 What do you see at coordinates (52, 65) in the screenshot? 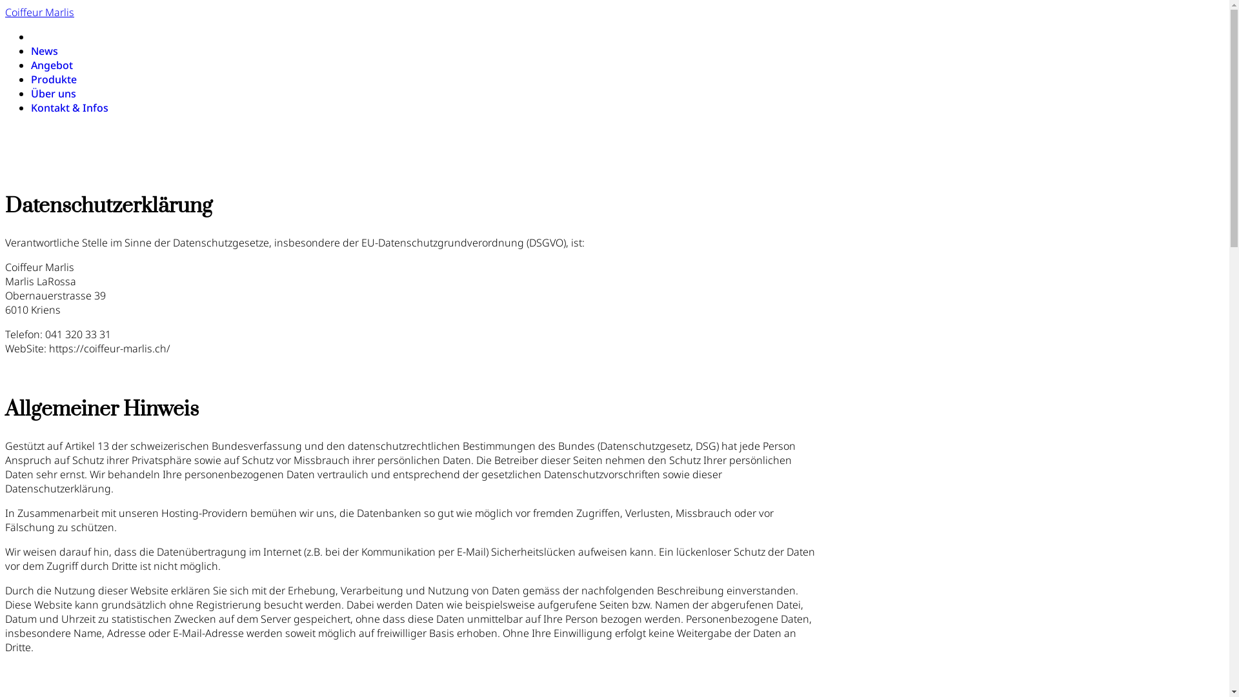
I see `'Angebot'` at bounding box center [52, 65].